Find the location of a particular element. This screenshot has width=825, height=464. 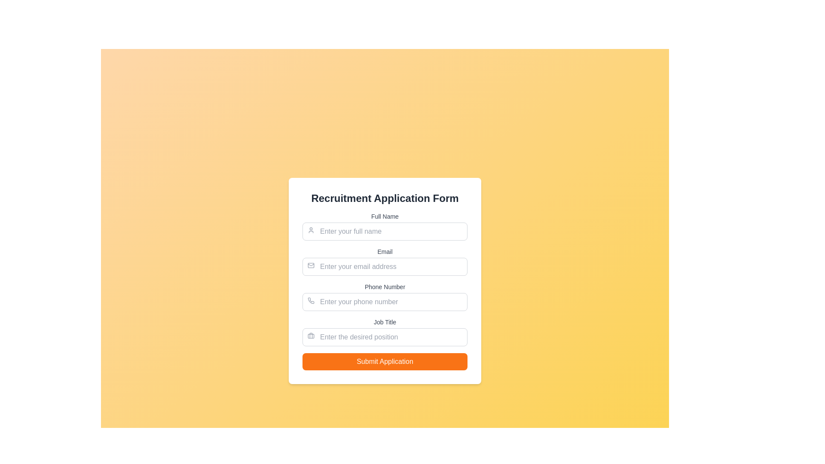

the 'Email' label to focus the associated input field below it is located at coordinates (385, 261).